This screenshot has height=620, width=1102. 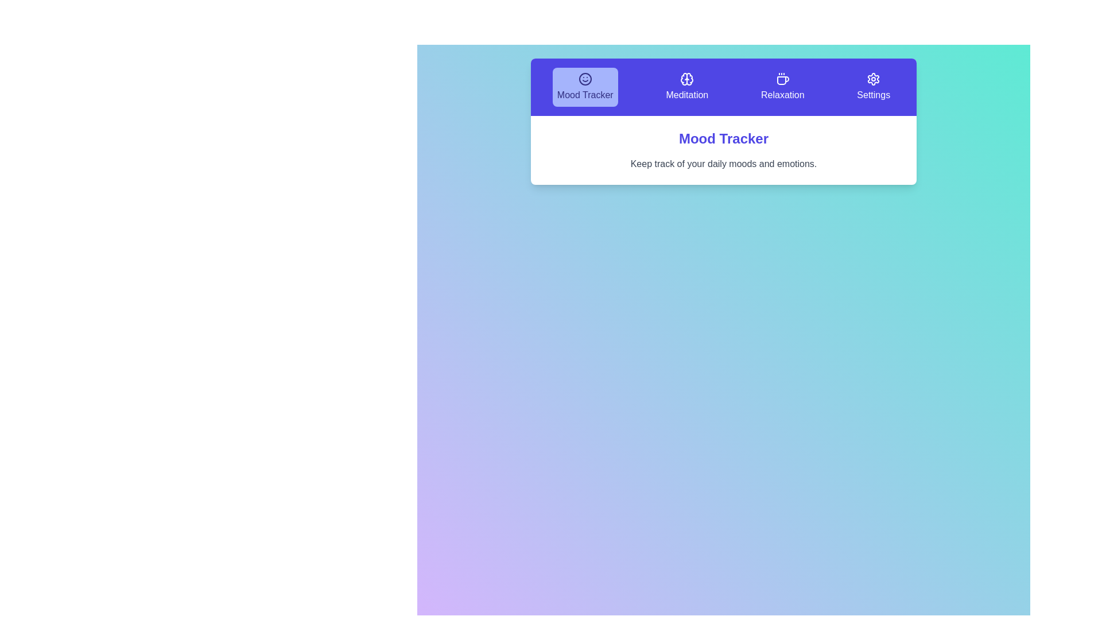 I want to click on the SVG circle element that forms the circular boundary of the smiley face in the 'Mood Tracker' icon, so click(x=585, y=79).